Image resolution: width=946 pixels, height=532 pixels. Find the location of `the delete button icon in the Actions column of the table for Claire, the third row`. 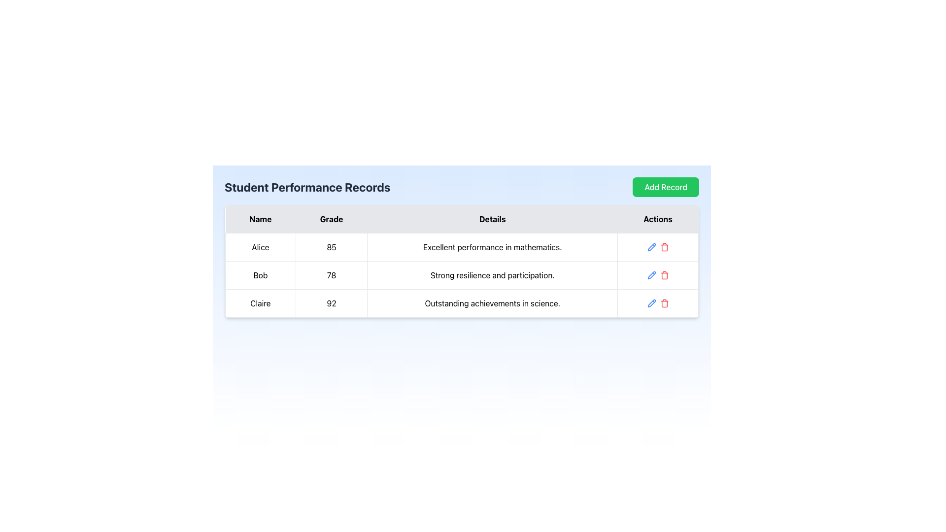

the delete button icon in the Actions column of the table for Claire, the third row is located at coordinates (664, 303).